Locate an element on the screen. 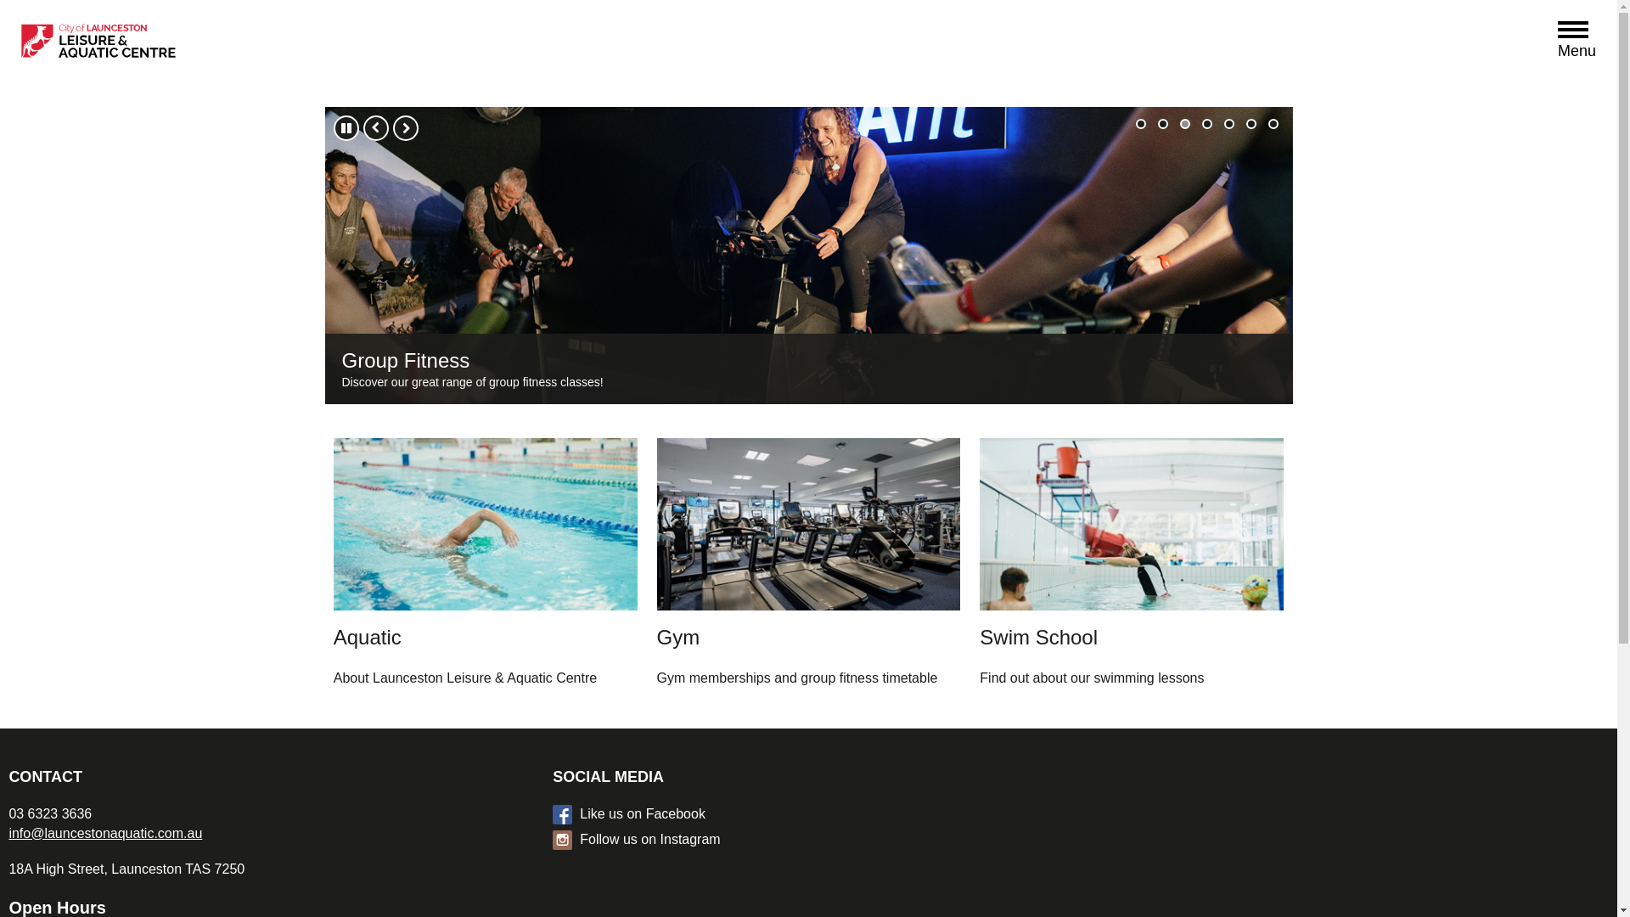 Image resolution: width=1630 pixels, height=917 pixels. 'info@launcestonaquatic.com.au' is located at coordinates (104, 832).